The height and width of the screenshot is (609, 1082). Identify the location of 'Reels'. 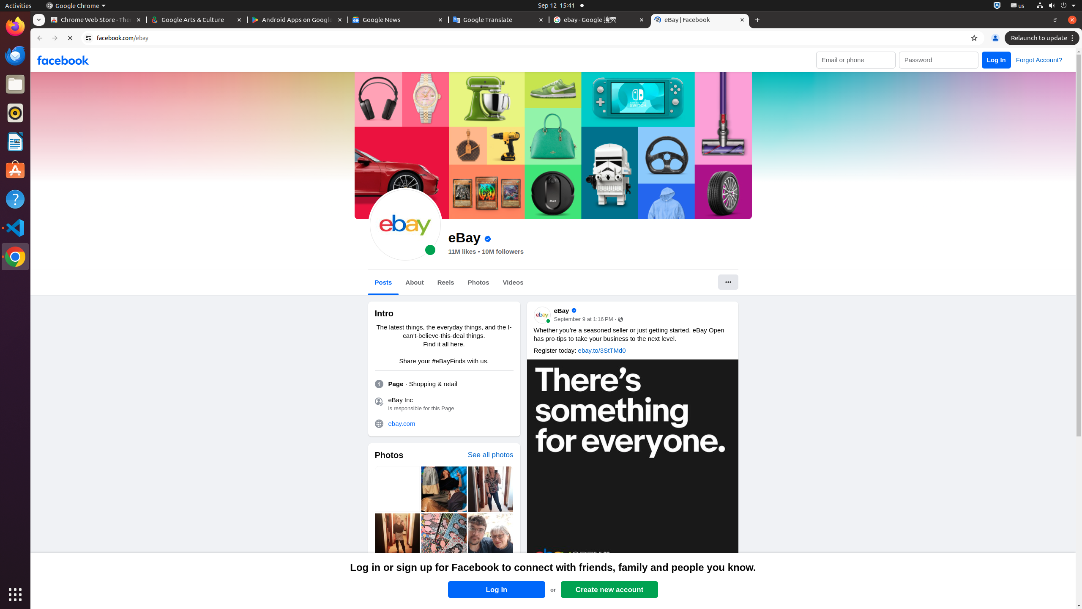
(445, 282).